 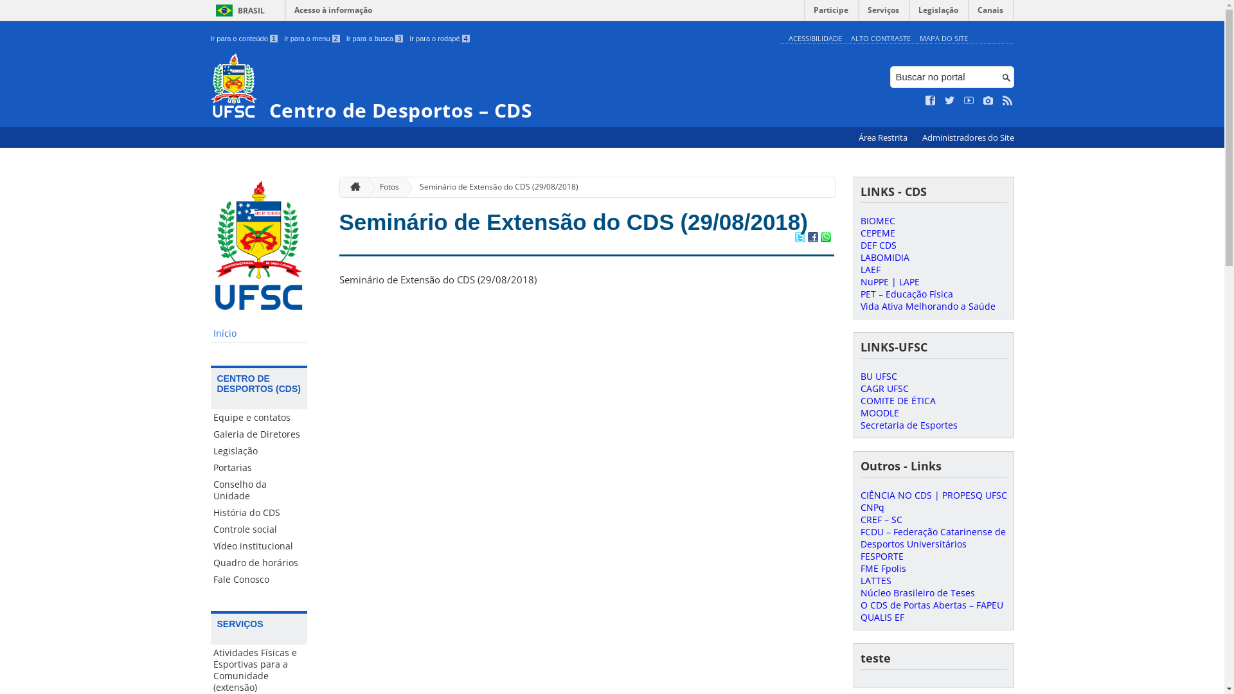 What do you see at coordinates (819, 238) in the screenshot?
I see `'Compartilhar no WhatsApp'` at bounding box center [819, 238].